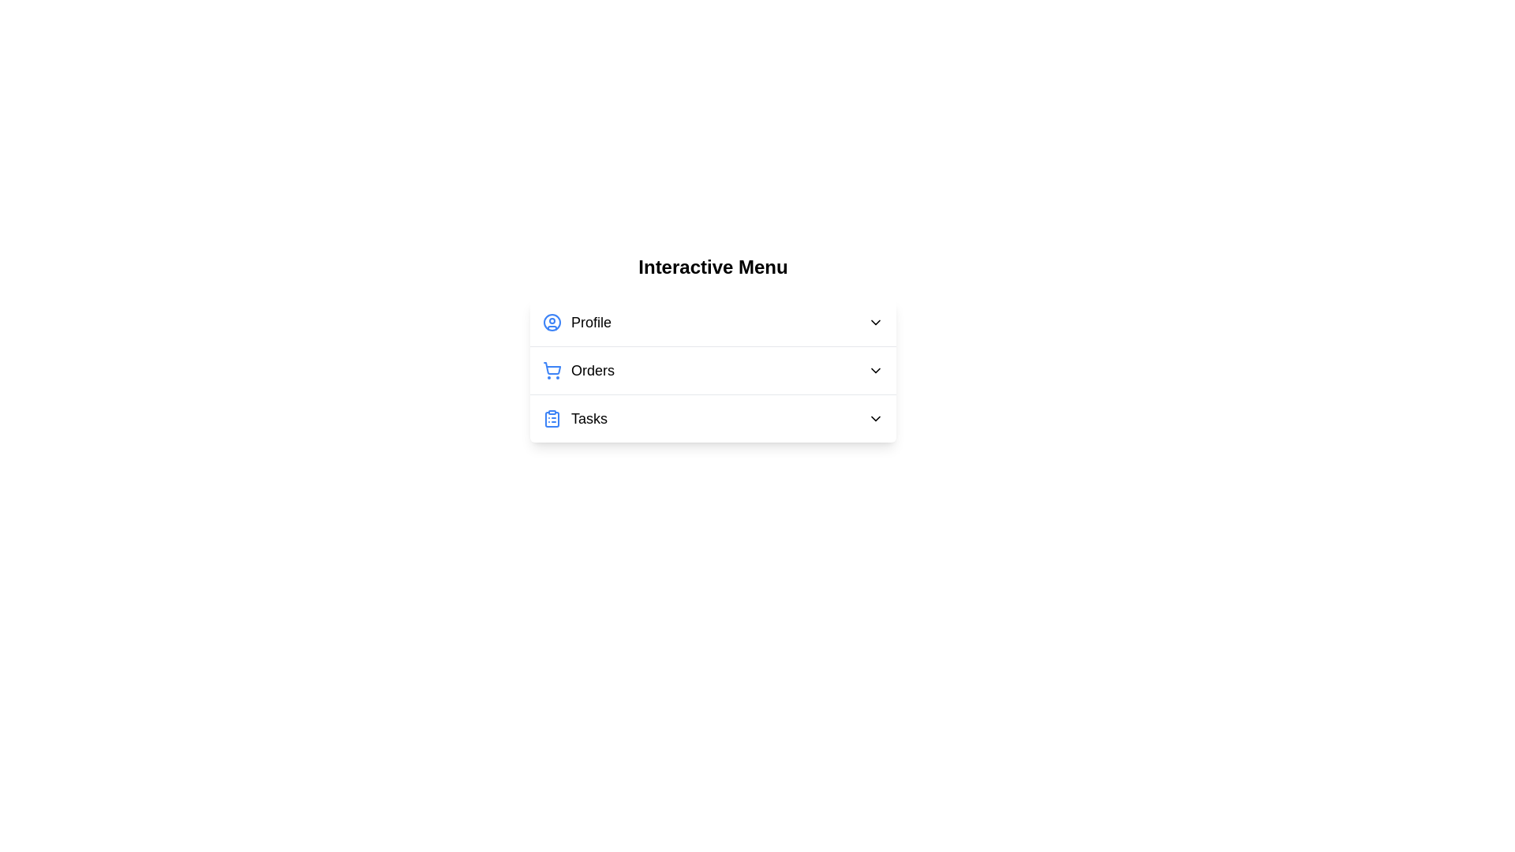  What do you see at coordinates (712, 321) in the screenshot?
I see `the 'Profile' menu item in the Interactive Menu` at bounding box center [712, 321].